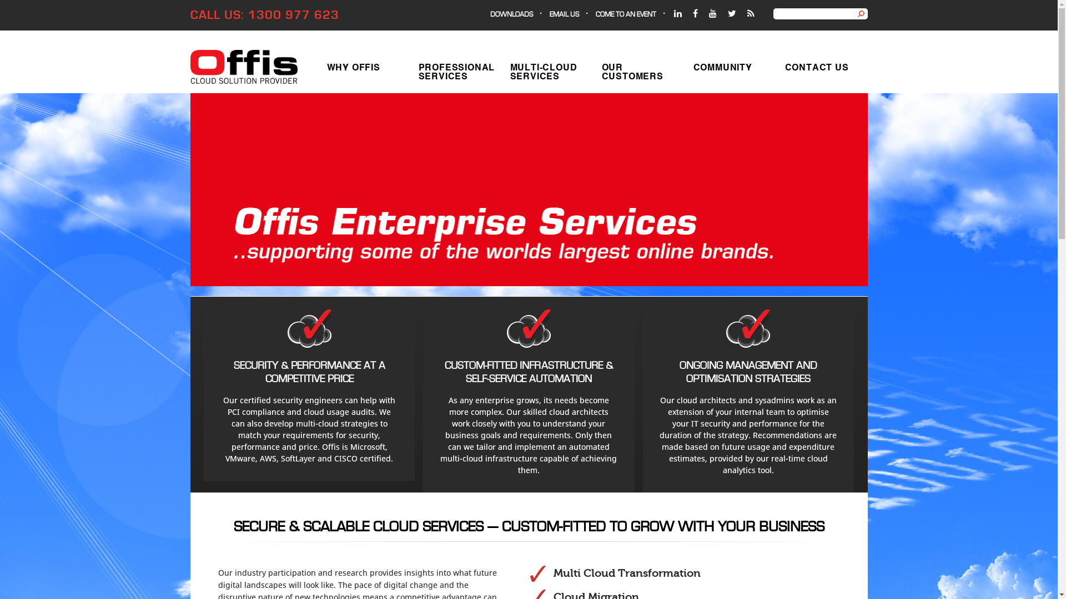 The width and height of the screenshot is (1066, 599). What do you see at coordinates (638, 70) in the screenshot?
I see `'OUR CUSTOMERS'` at bounding box center [638, 70].